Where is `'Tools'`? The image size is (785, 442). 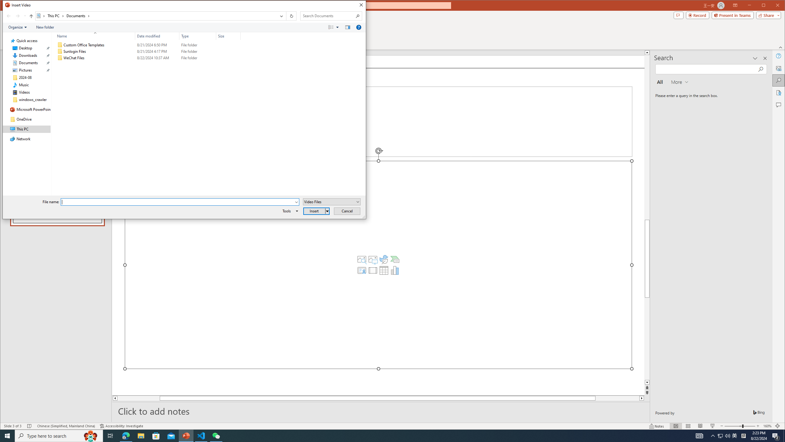 'Tools' is located at coordinates (289, 211).